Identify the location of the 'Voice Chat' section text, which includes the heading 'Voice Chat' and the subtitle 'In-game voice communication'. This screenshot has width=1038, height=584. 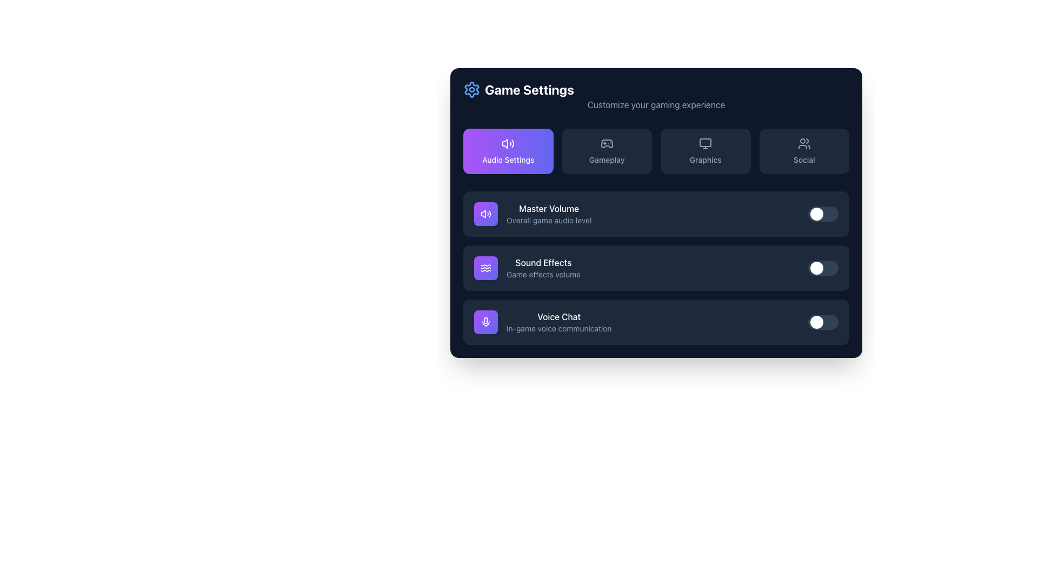
(542, 322).